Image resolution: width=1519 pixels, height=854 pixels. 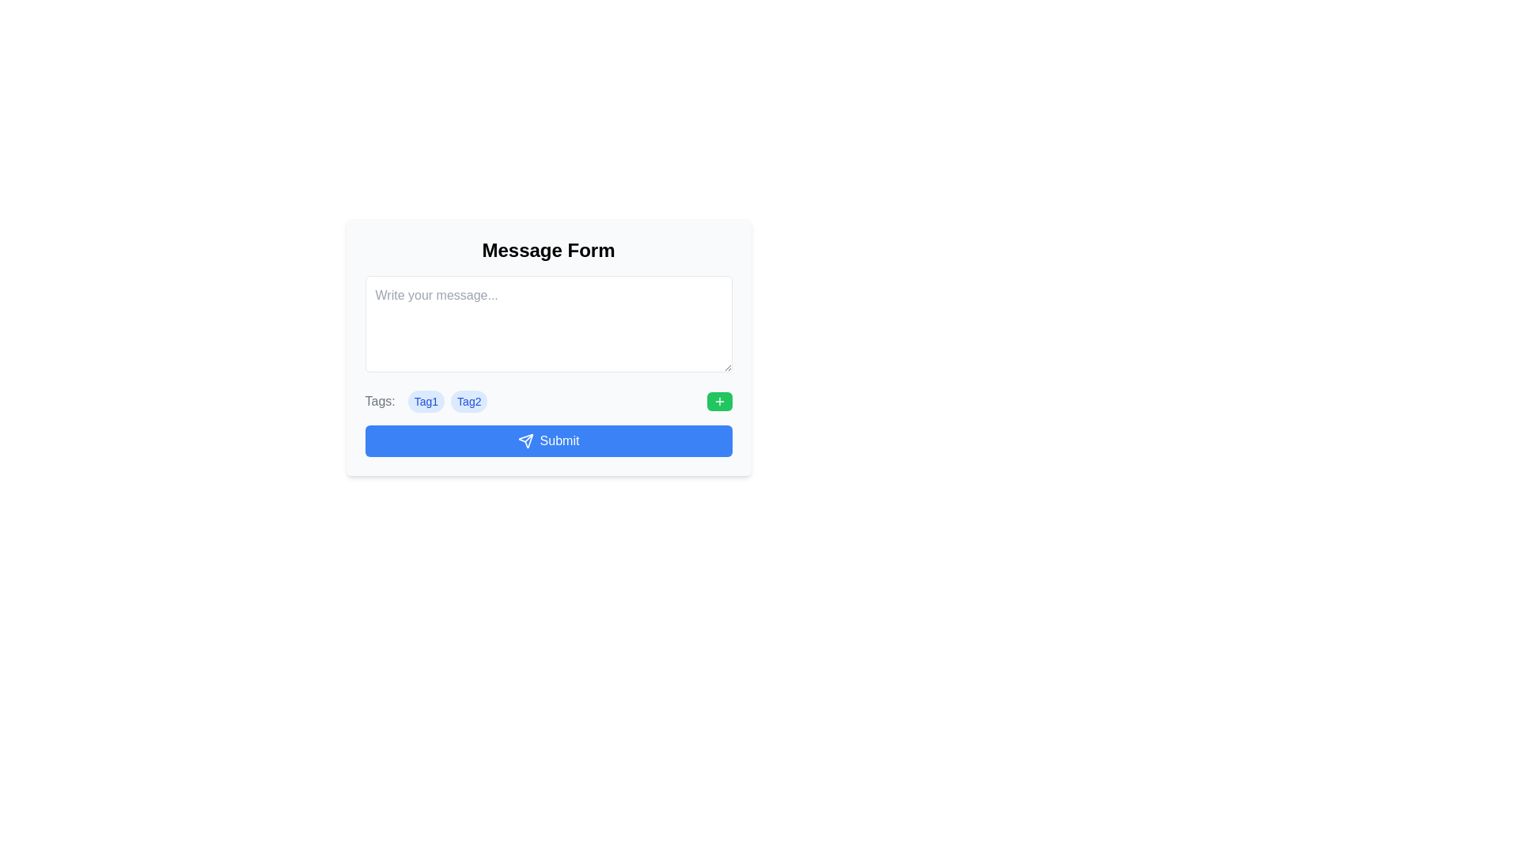 What do you see at coordinates (525, 441) in the screenshot?
I see `the graphic icon representing the send button located on the right side of the input area below the tags section` at bounding box center [525, 441].